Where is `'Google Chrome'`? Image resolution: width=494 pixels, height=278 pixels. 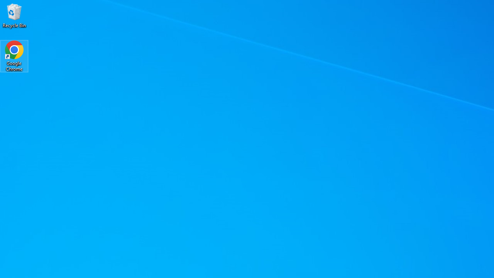 'Google Chrome' is located at coordinates (14, 56).